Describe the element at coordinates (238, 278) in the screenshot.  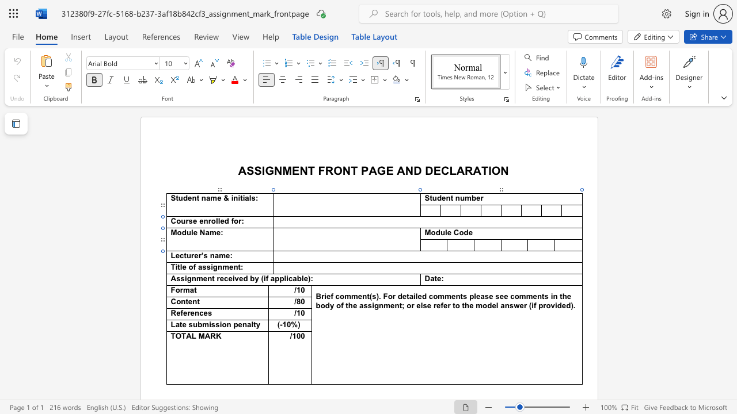
I see `the space between the continuous character "v" and "e" in the text` at that location.